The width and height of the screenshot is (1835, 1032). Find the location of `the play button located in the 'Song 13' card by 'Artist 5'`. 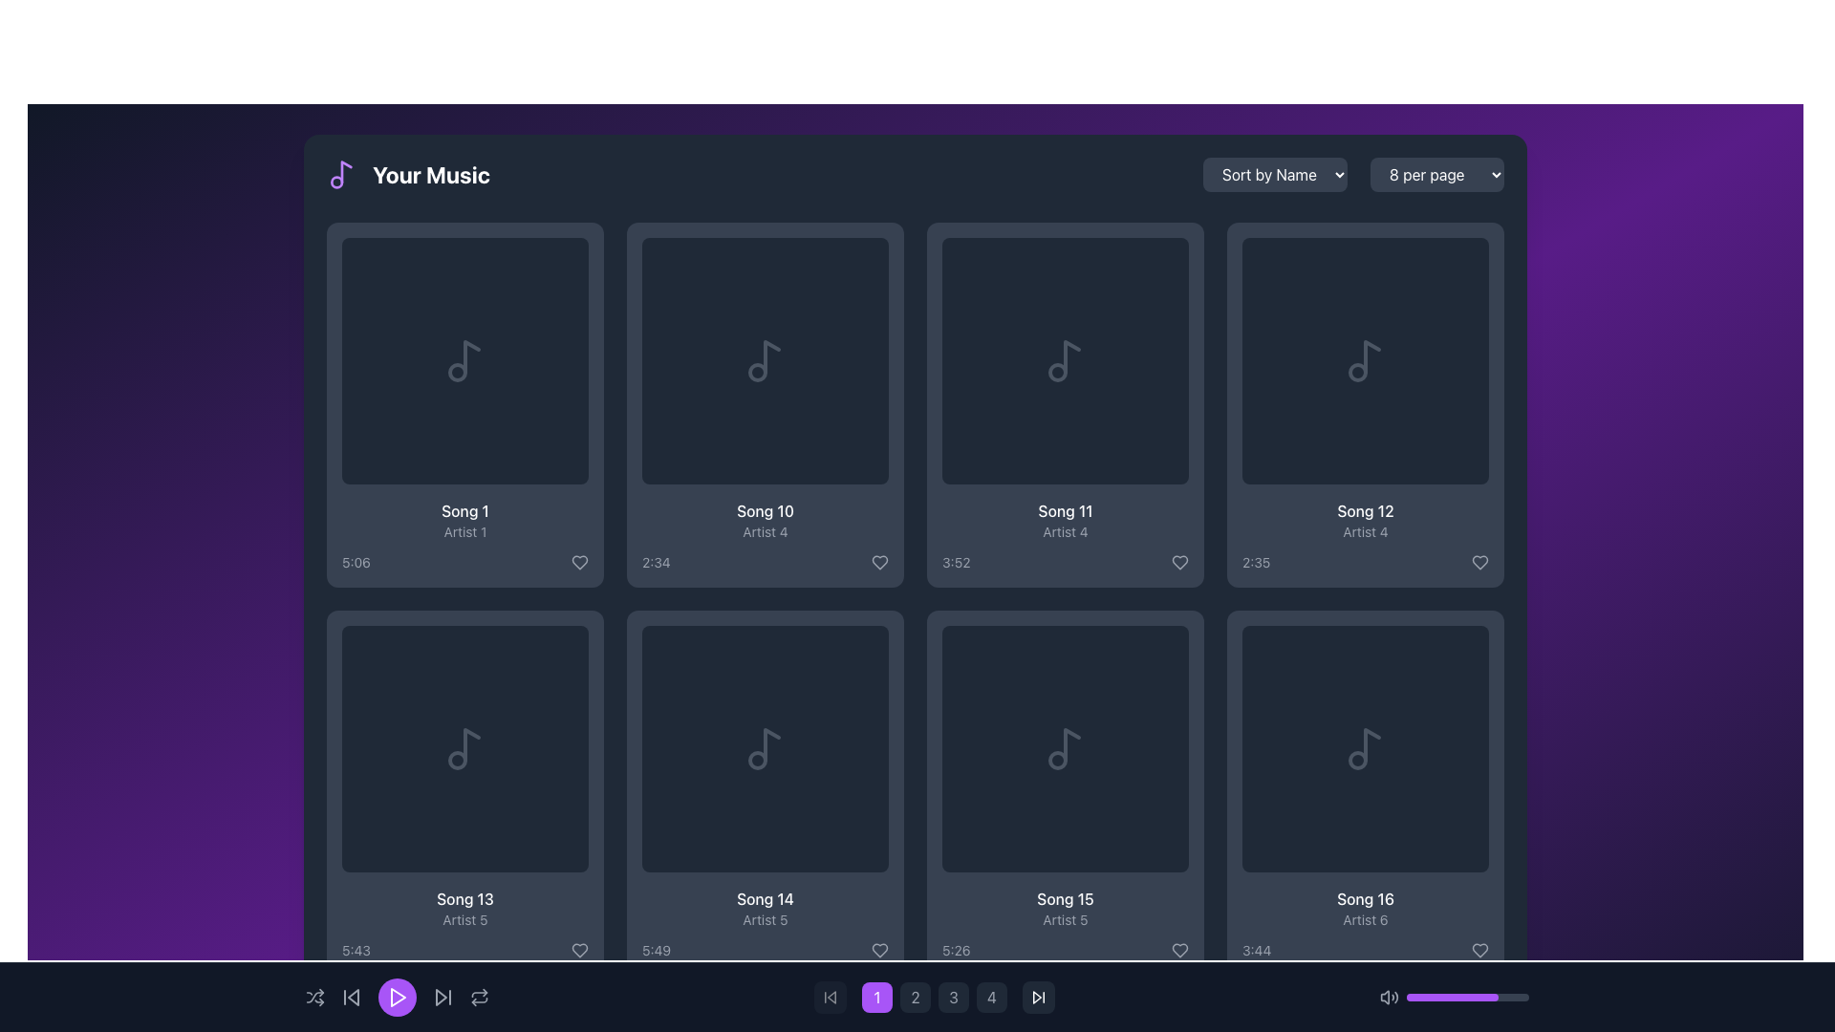

the play button located in the 'Song 13' card by 'Artist 5' is located at coordinates (464, 747).